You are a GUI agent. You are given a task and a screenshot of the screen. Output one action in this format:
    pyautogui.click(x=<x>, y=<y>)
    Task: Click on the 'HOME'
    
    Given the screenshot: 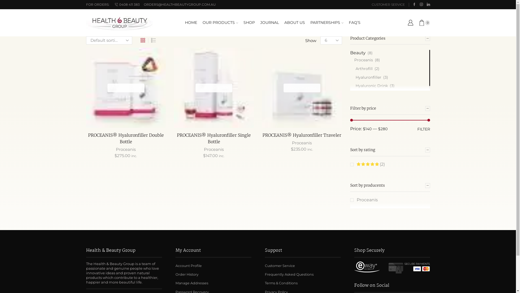 What is the action you would take?
    pyautogui.click(x=191, y=23)
    